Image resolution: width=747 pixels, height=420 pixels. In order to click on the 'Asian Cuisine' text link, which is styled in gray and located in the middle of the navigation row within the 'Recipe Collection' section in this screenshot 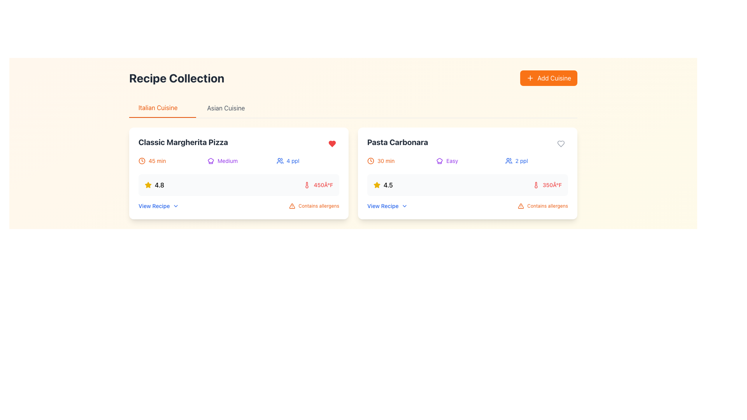, I will do `click(230, 108)`.